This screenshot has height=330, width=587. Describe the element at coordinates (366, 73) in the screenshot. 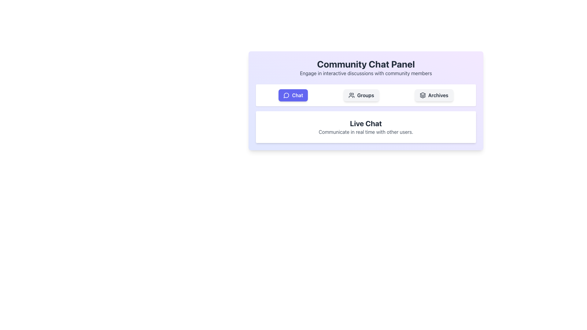

I see `the static text element that provides descriptive information about the 'Community Chat Panel', positioned directly underneath its title` at that location.